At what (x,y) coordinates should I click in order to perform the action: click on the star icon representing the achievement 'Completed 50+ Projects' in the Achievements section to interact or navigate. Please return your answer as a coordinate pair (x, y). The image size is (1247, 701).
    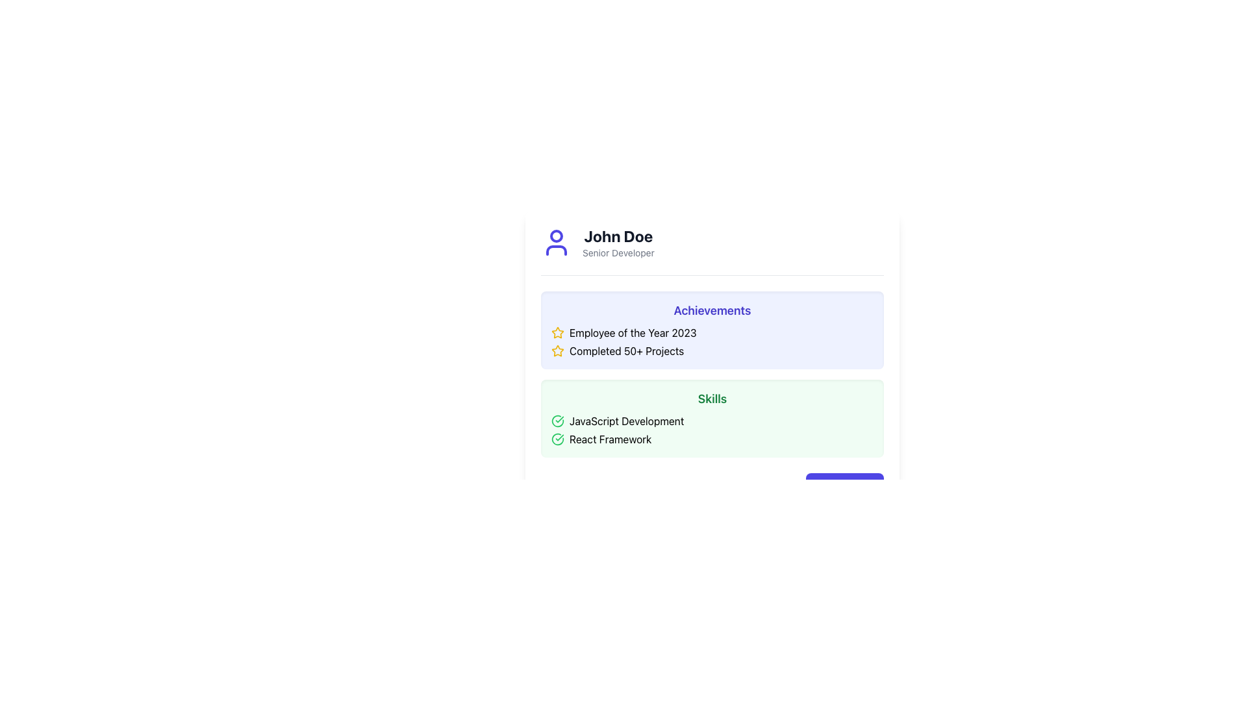
    Looking at the image, I should click on (557, 332).